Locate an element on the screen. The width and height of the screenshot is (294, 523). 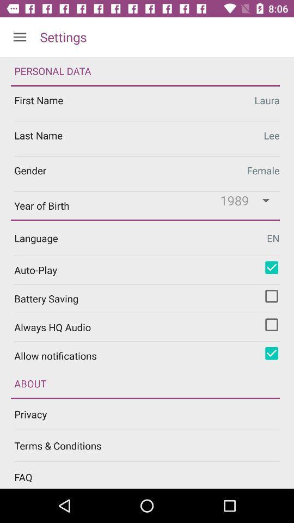
faq is located at coordinates (154, 477).